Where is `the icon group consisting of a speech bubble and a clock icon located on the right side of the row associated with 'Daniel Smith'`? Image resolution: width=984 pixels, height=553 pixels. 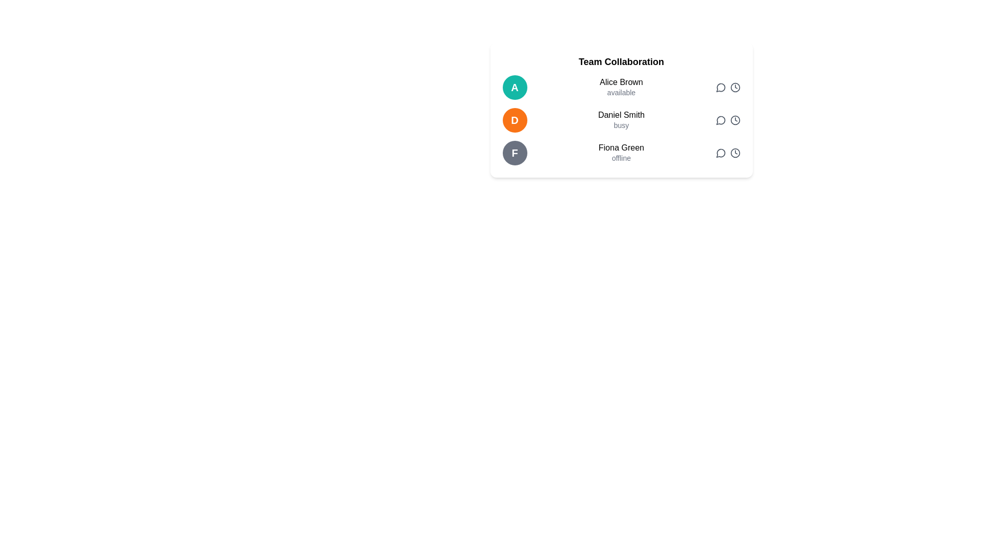
the icon group consisting of a speech bubble and a clock icon located on the right side of the row associated with 'Daniel Smith' is located at coordinates (727, 120).